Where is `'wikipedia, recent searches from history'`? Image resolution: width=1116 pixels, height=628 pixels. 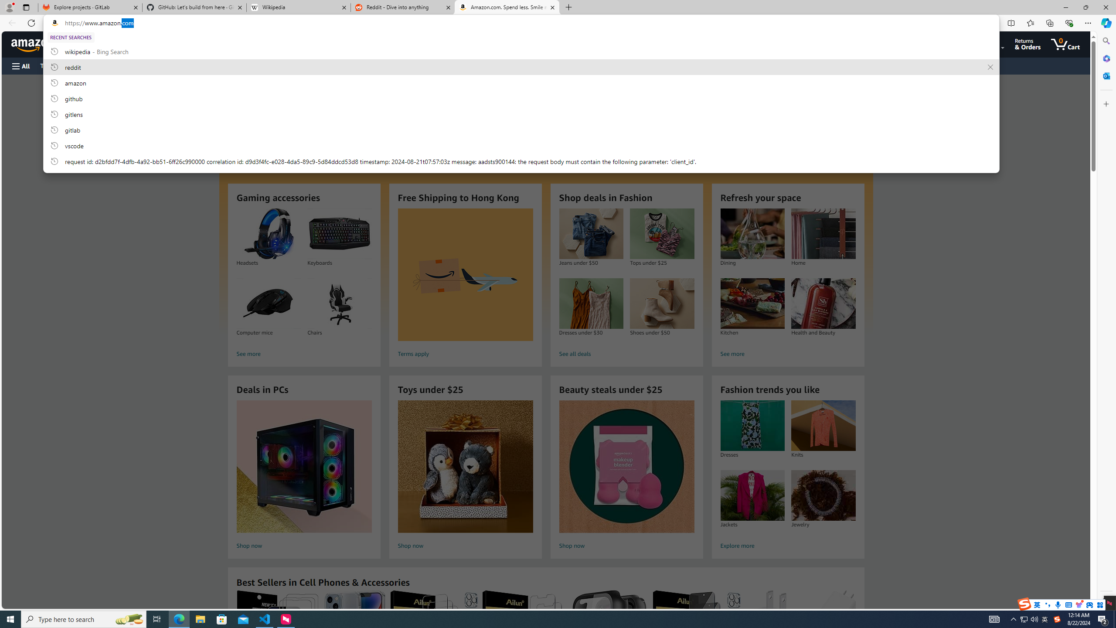 'wikipedia, recent searches from history' is located at coordinates (521, 51).